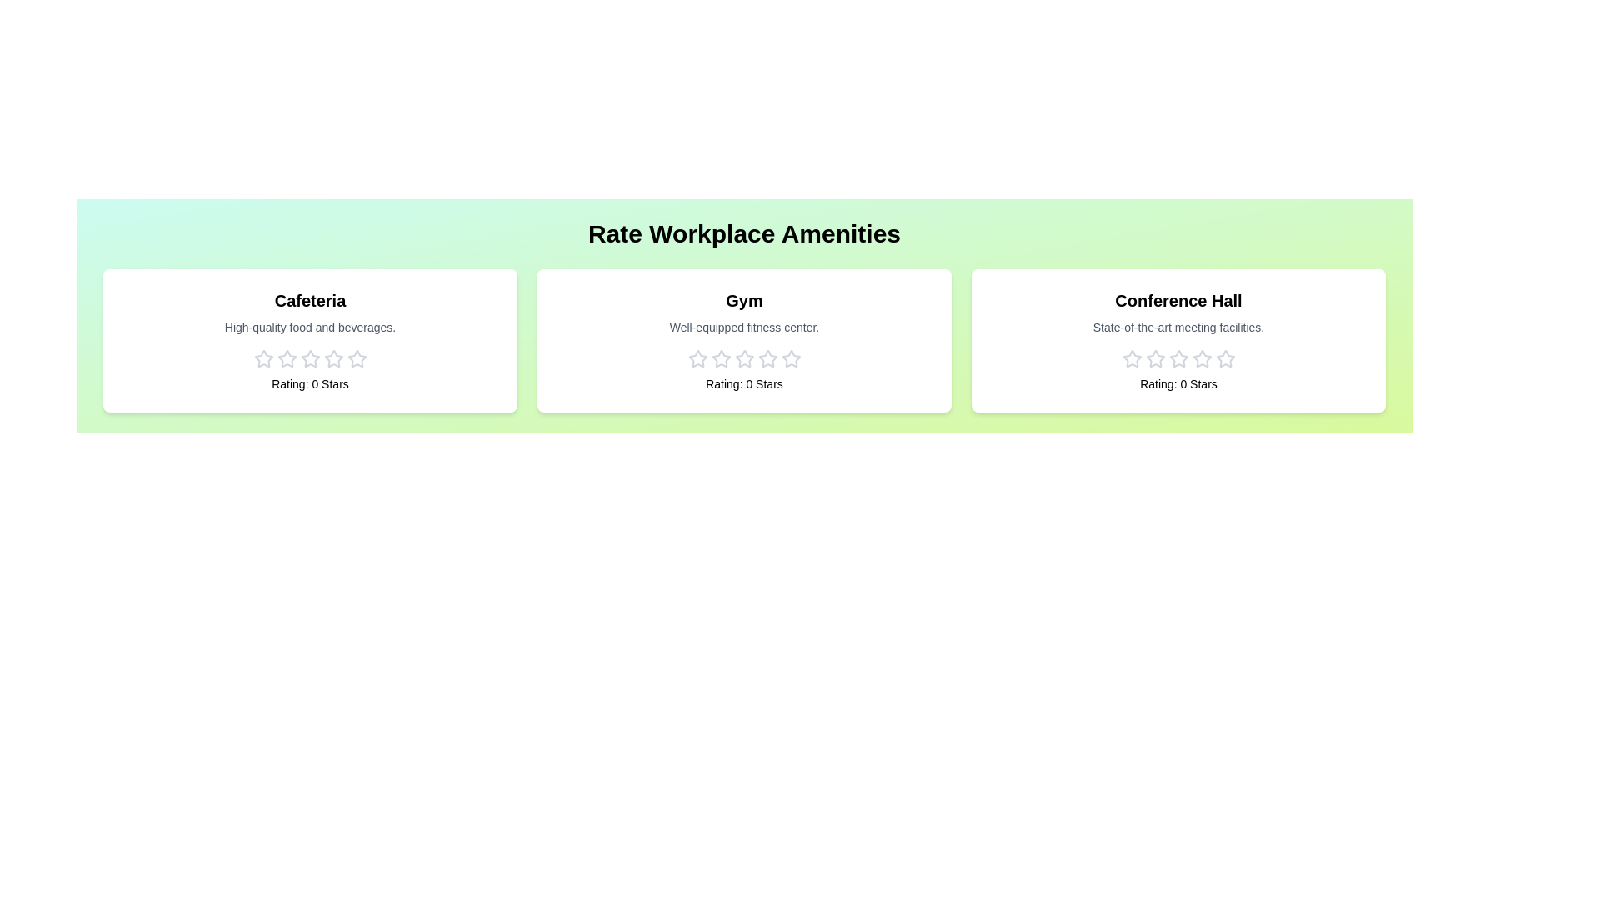  Describe the element at coordinates (310, 339) in the screenshot. I see `the Cafeteria card to observe its hover effect` at that location.